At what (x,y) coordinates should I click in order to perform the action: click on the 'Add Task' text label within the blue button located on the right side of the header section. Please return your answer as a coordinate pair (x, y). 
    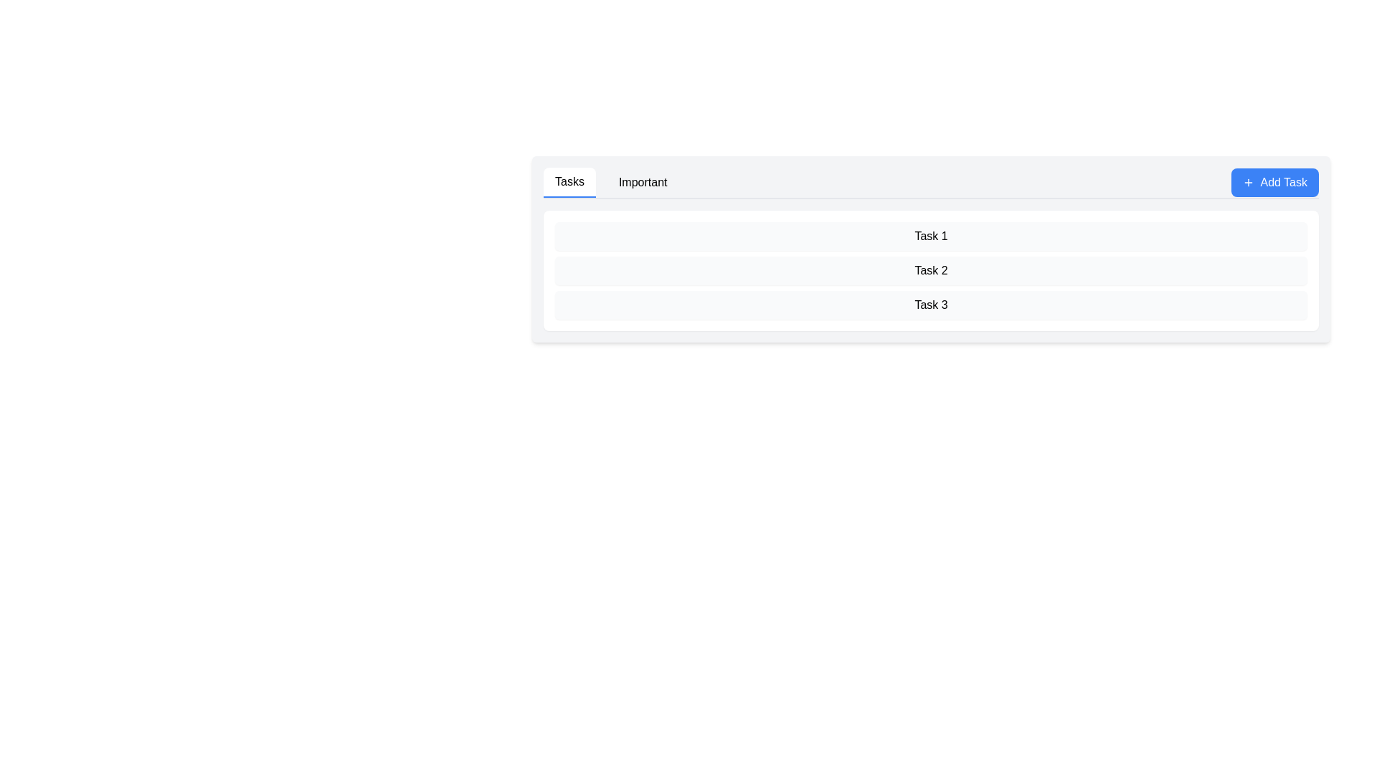
    Looking at the image, I should click on (1284, 181).